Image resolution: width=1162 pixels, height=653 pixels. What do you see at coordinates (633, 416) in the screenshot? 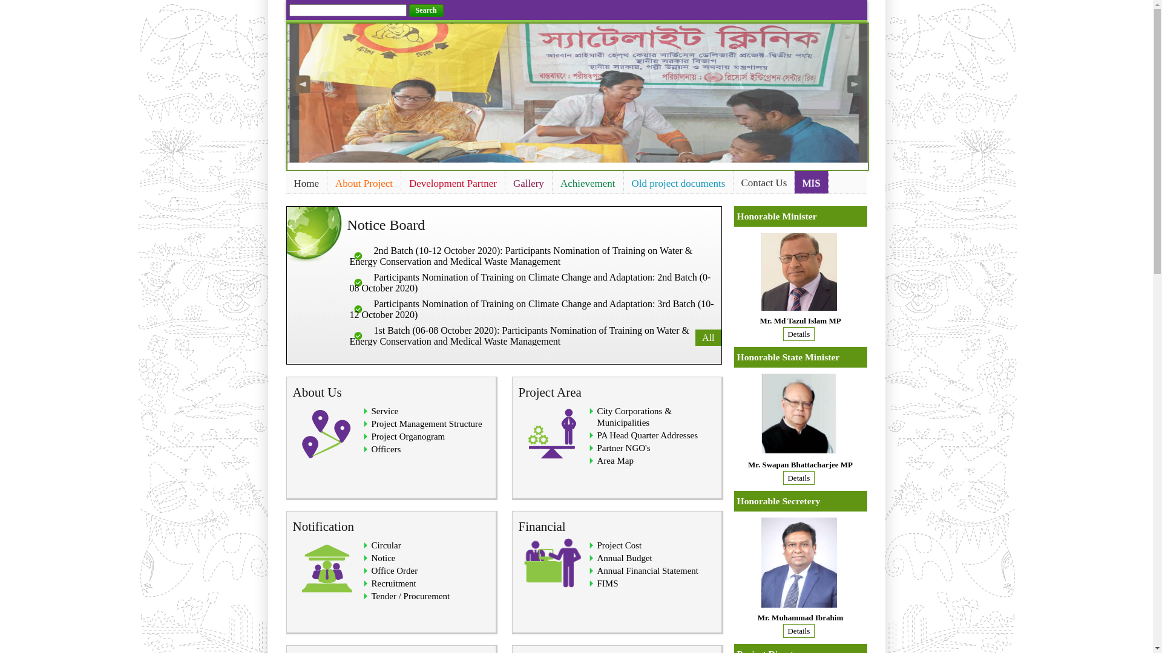
I see `'City Corporations & Municipalities'` at bounding box center [633, 416].